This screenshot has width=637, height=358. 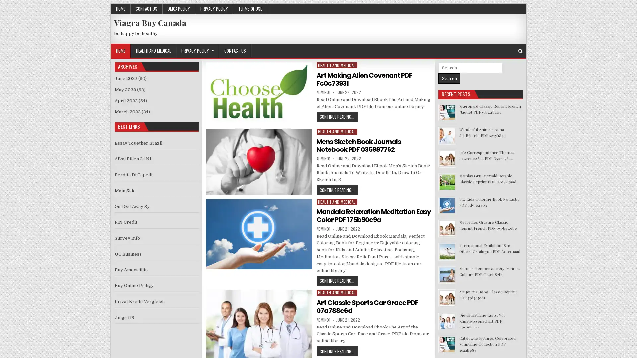 I want to click on Search, so click(x=449, y=78).